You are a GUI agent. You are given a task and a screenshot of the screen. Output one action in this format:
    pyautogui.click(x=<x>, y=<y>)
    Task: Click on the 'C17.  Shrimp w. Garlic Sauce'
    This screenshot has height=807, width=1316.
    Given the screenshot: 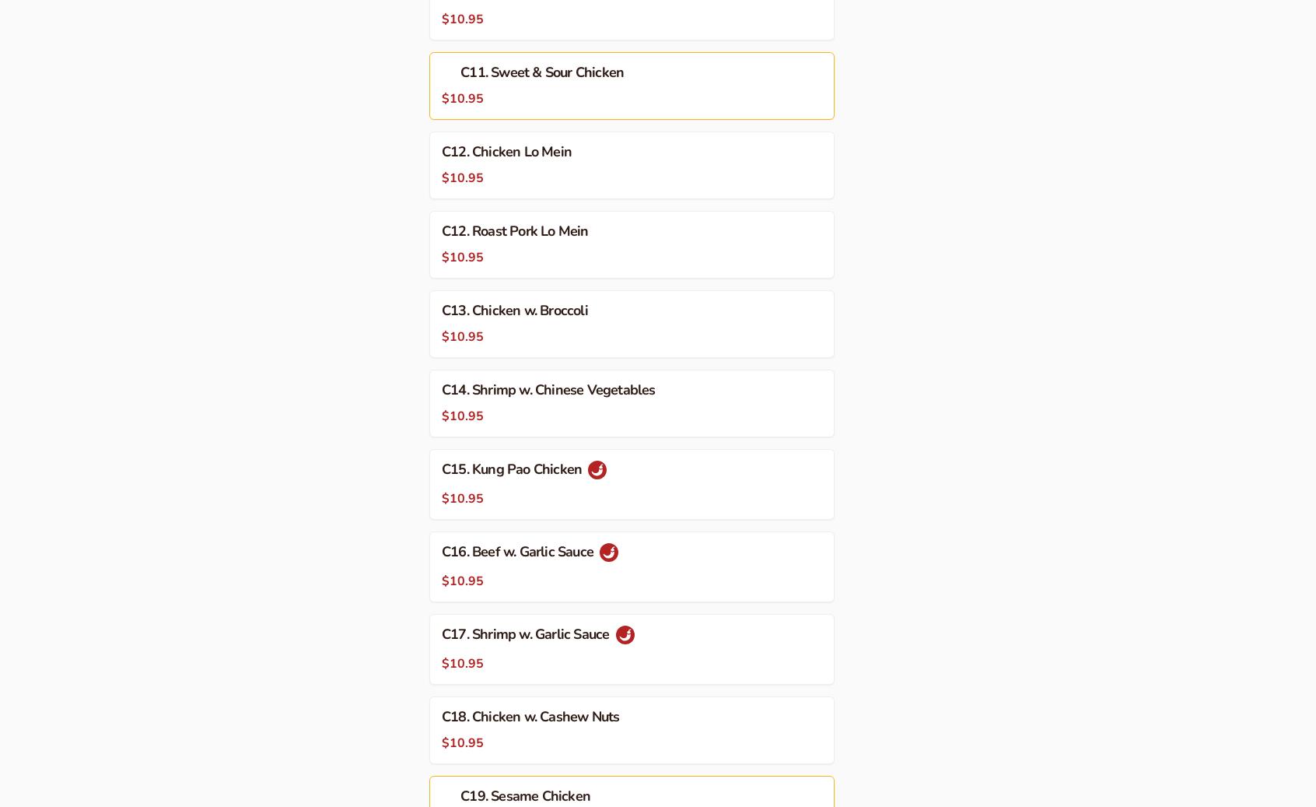 What is the action you would take?
    pyautogui.click(x=527, y=633)
    